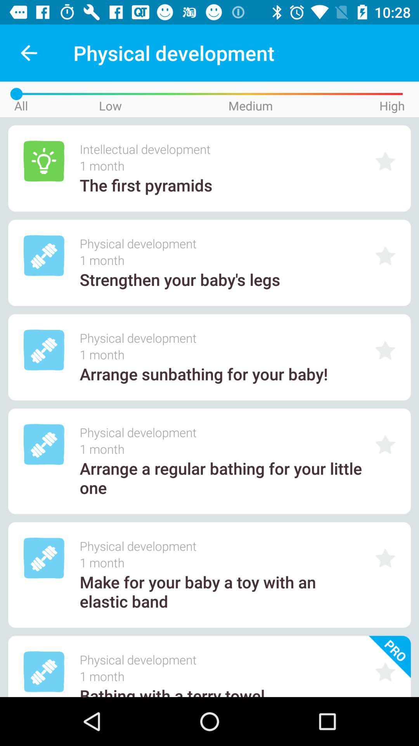 The image size is (419, 746). What do you see at coordinates (385, 350) in the screenshot?
I see `like` at bounding box center [385, 350].